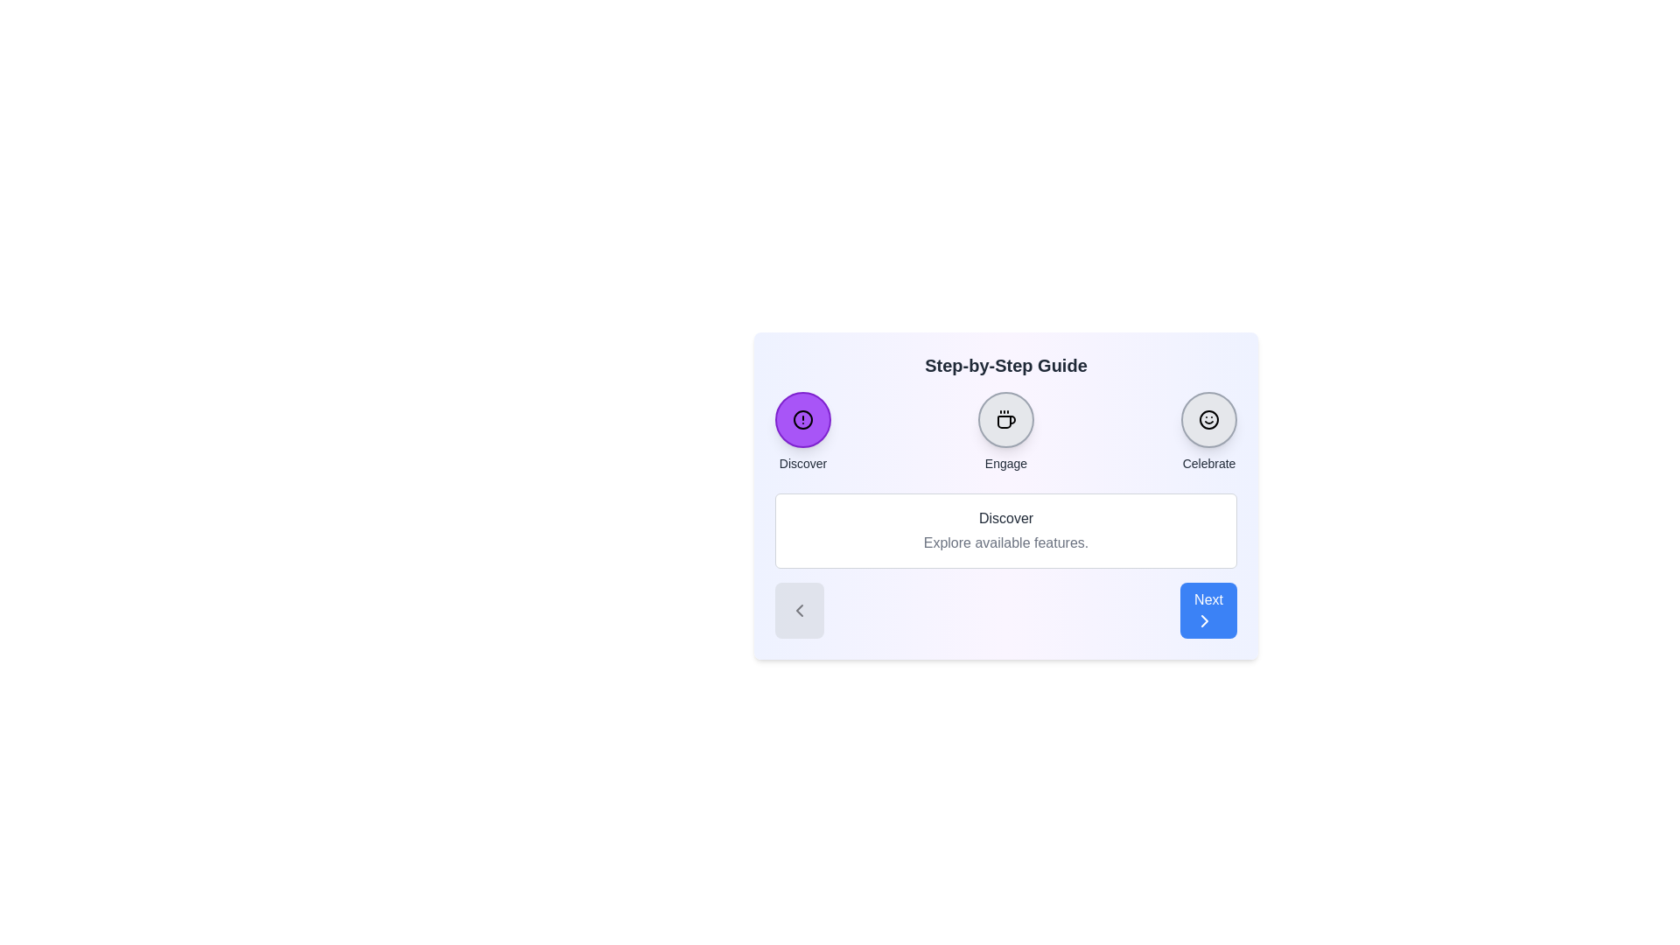 This screenshot has width=1680, height=945. Describe the element at coordinates (801, 462) in the screenshot. I see `the text label located at the center-bottom of the group, directly beneath the circular, purple-colored icon` at that location.